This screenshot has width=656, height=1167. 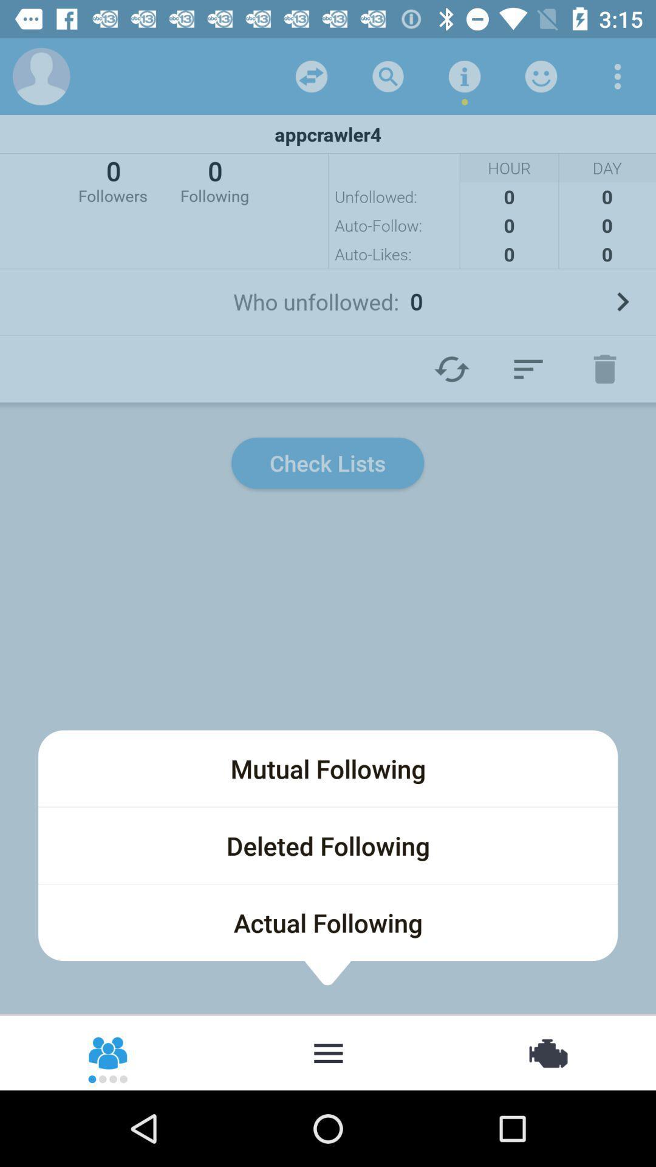 I want to click on menu, so click(x=618, y=75).